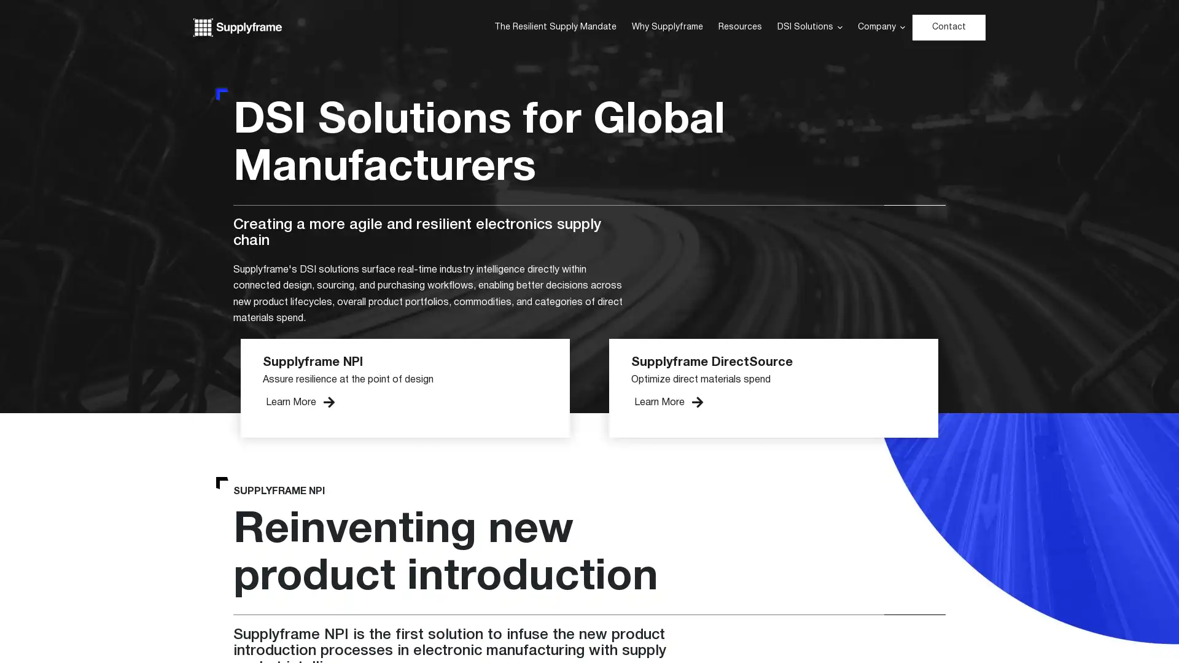 Image resolution: width=1179 pixels, height=663 pixels. What do you see at coordinates (300, 402) in the screenshot?
I see `Learn More` at bounding box center [300, 402].